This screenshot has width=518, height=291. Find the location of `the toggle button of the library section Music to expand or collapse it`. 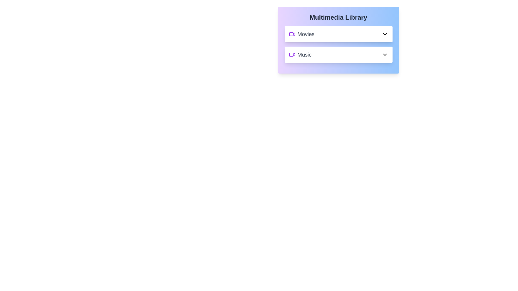

the toggle button of the library section Music to expand or collapse it is located at coordinates (338, 55).